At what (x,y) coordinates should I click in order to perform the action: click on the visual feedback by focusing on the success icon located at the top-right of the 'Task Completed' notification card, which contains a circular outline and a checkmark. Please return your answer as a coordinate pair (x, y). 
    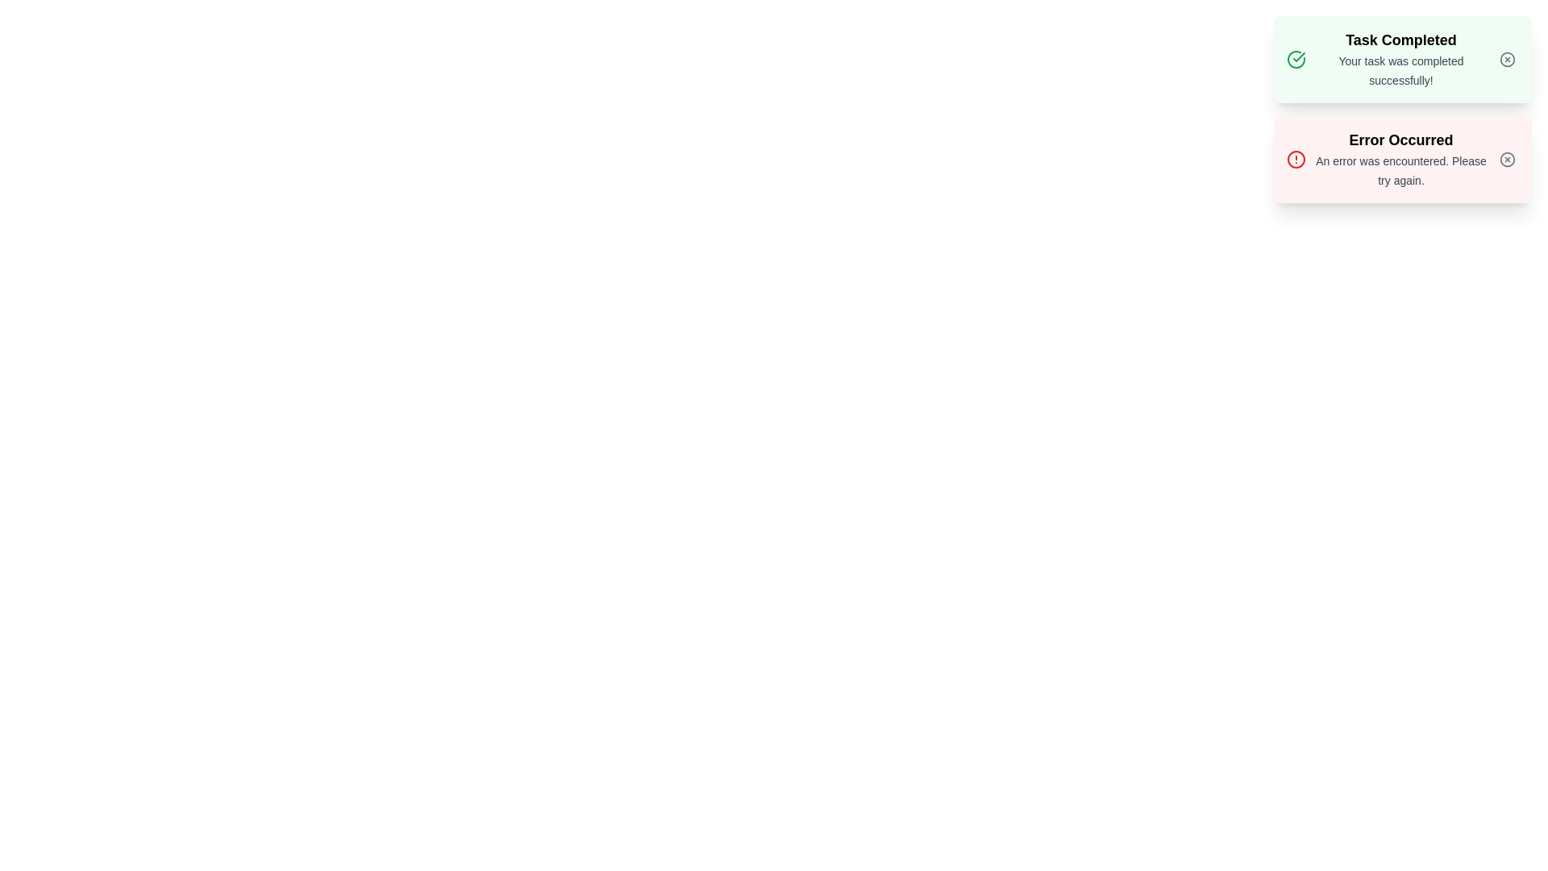
    Looking at the image, I should click on (1299, 56).